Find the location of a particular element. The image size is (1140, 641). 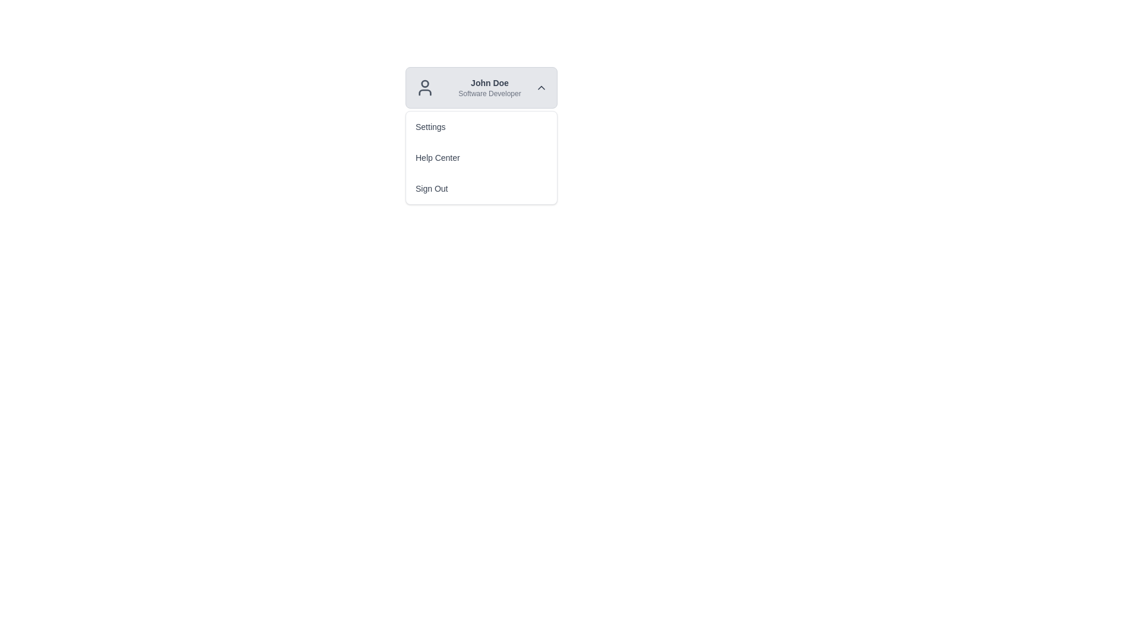

the user profile silhouette icon, which is dark gray against a light gray background and positioned to the left of the text 'John Doe' is located at coordinates (425, 87).